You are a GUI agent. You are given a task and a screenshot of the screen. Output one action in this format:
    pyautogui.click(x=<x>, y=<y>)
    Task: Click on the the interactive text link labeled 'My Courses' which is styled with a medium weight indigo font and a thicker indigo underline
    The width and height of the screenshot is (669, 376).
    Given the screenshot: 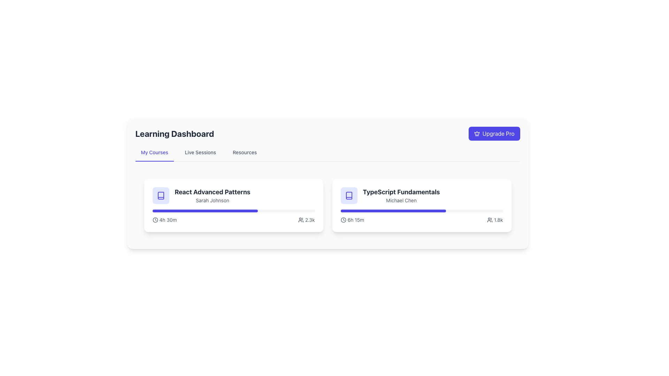 What is the action you would take?
    pyautogui.click(x=154, y=155)
    